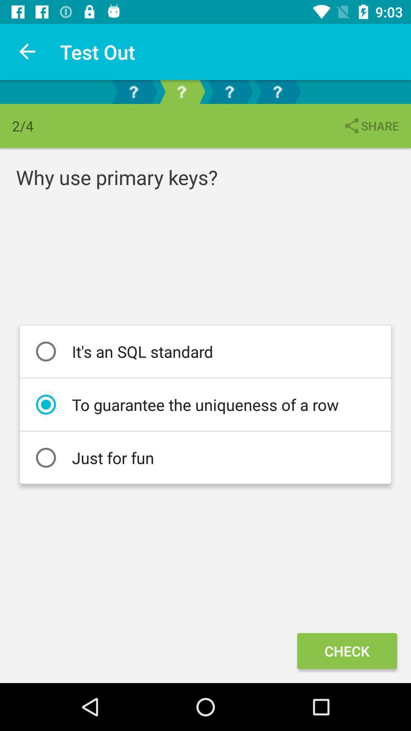 This screenshot has height=731, width=411. What do you see at coordinates (277, 91) in the screenshot?
I see `see the question` at bounding box center [277, 91].